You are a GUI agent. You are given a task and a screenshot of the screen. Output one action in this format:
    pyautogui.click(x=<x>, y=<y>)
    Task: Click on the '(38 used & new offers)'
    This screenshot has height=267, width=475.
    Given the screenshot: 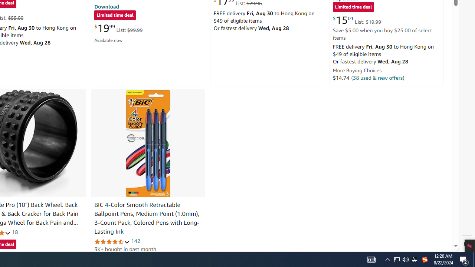 What is the action you would take?
    pyautogui.click(x=378, y=78)
    